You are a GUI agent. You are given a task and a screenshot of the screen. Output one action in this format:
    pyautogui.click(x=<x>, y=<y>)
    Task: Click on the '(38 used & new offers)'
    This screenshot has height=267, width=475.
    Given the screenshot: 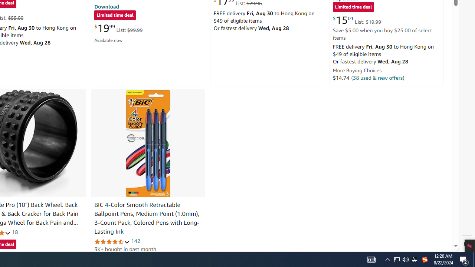 What is the action you would take?
    pyautogui.click(x=378, y=78)
    